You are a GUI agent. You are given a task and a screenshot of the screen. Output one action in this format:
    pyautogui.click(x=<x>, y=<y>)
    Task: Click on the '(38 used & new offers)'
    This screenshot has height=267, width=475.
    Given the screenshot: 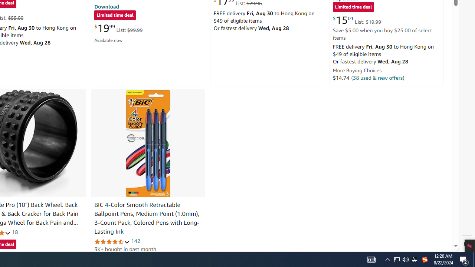 What is the action you would take?
    pyautogui.click(x=378, y=78)
    